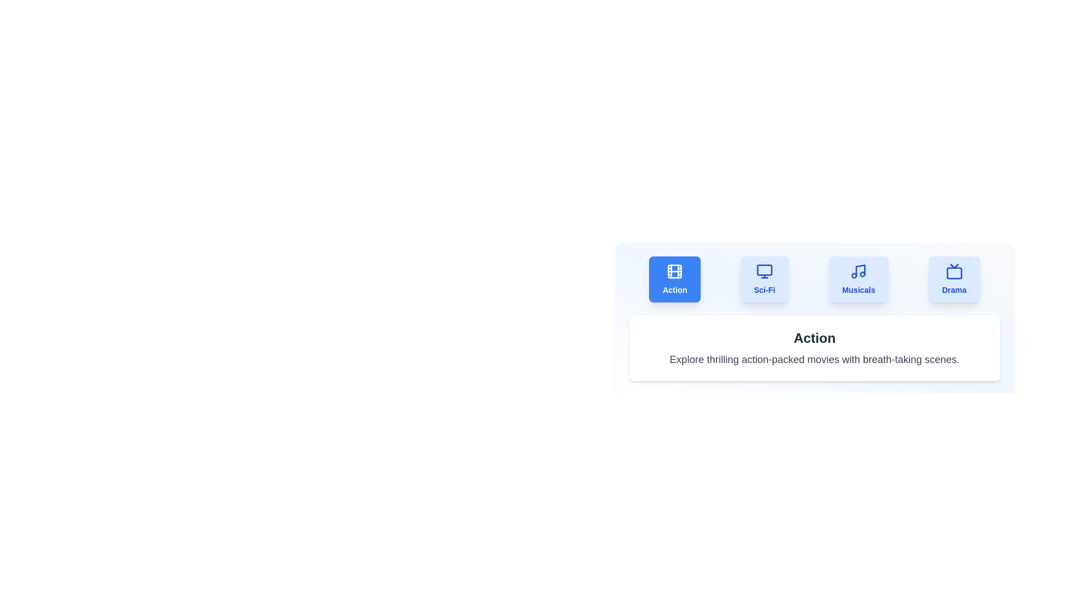  What do you see at coordinates (953, 278) in the screenshot?
I see `the Drama tab to view its content` at bounding box center [953, 278].